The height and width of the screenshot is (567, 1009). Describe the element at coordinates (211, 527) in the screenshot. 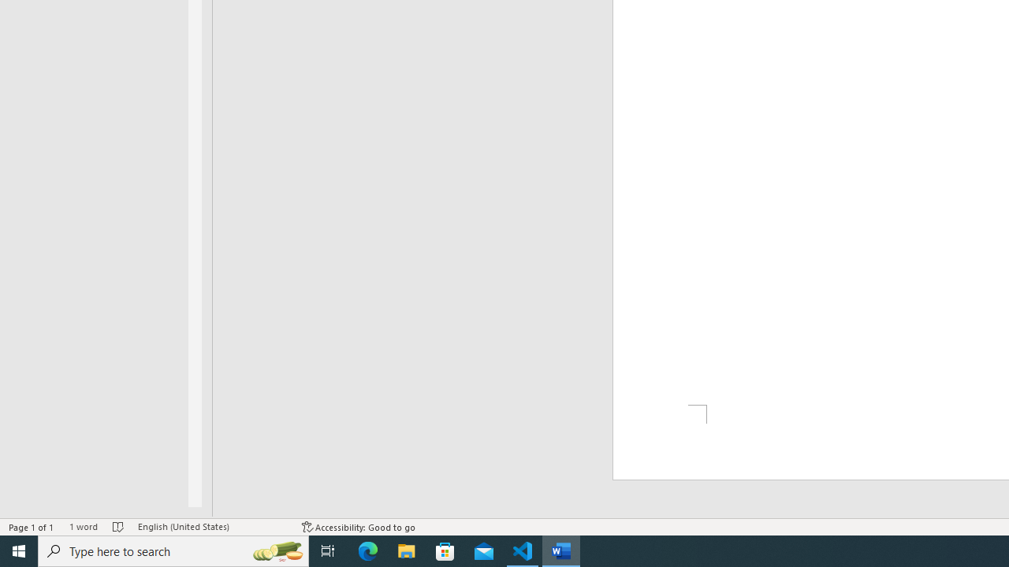

I see `'Language English (United States)'` at that location.